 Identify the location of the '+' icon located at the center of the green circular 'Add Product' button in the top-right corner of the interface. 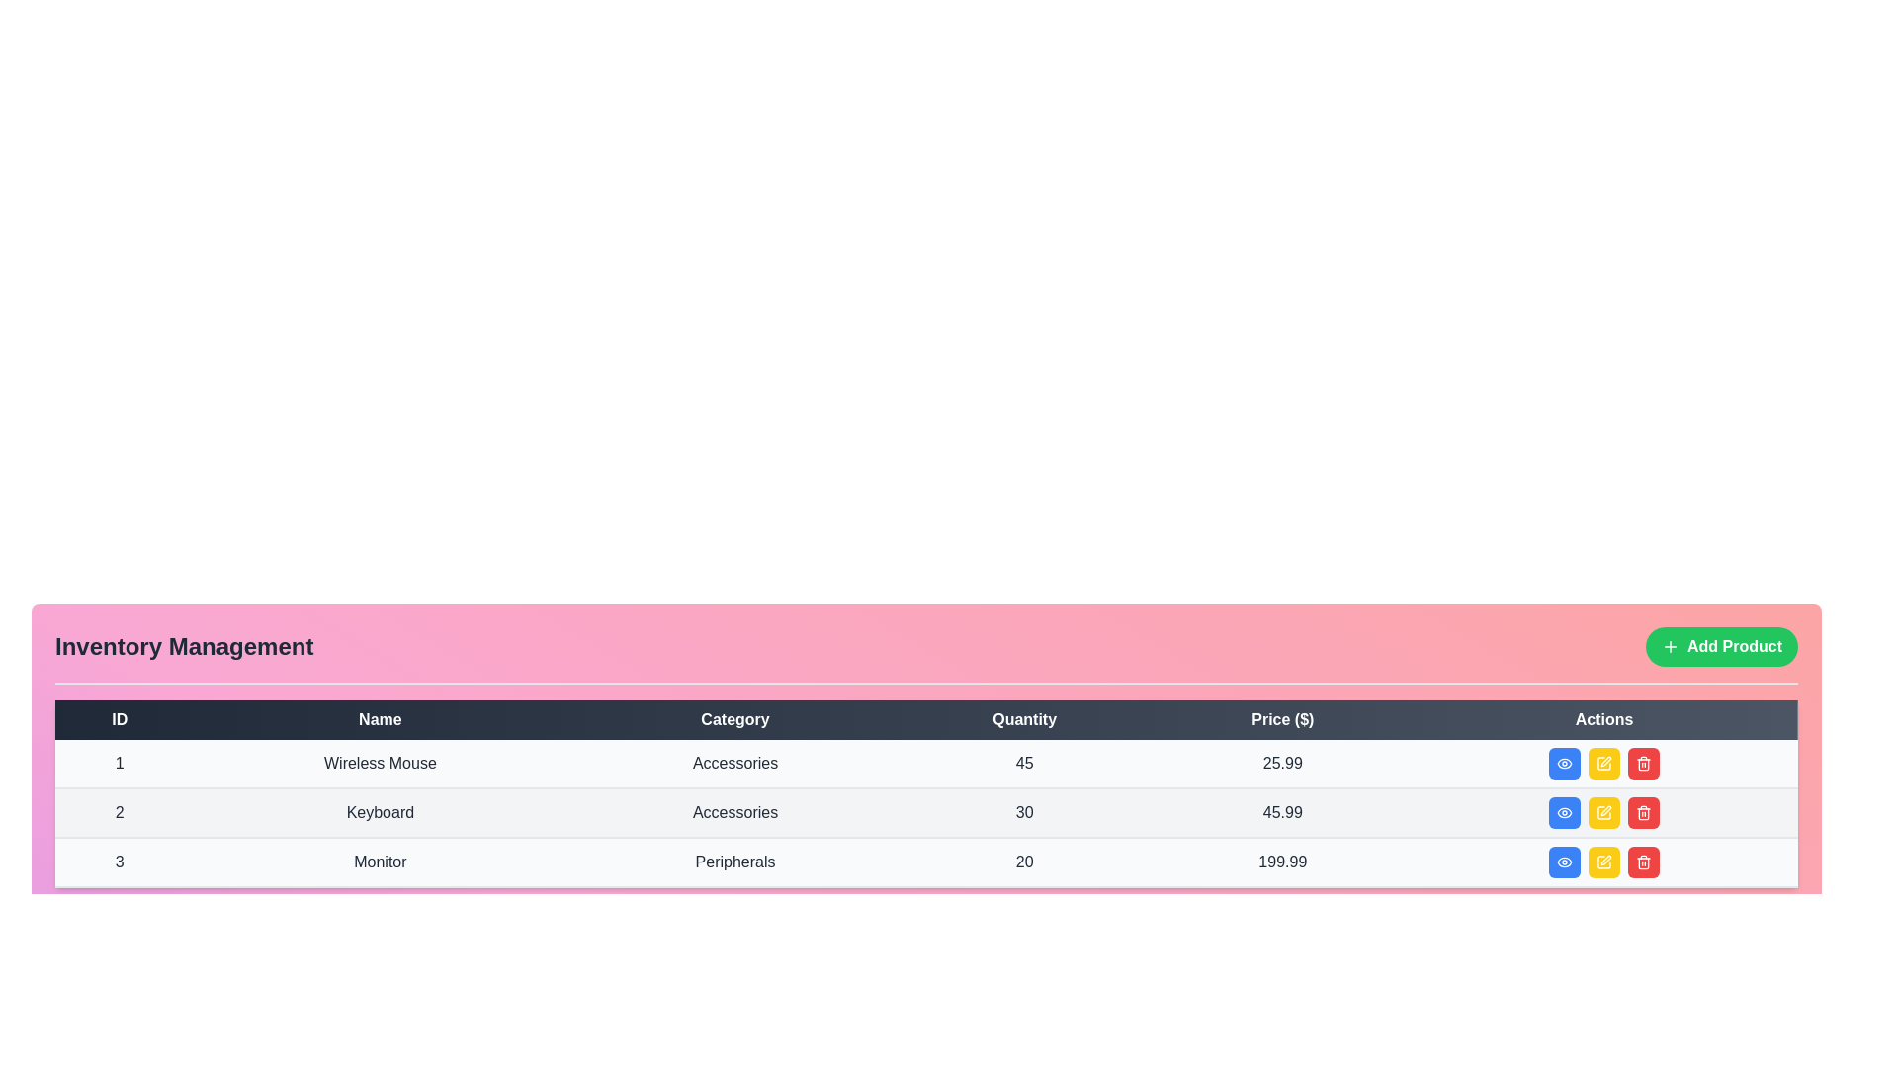
(1669, 647).